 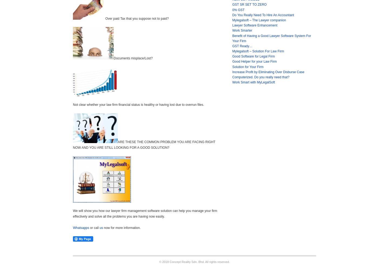 What do you see at coordinates (90, 228) in the screenshot?
I see `'or call'` at bounding box center [90, 228].